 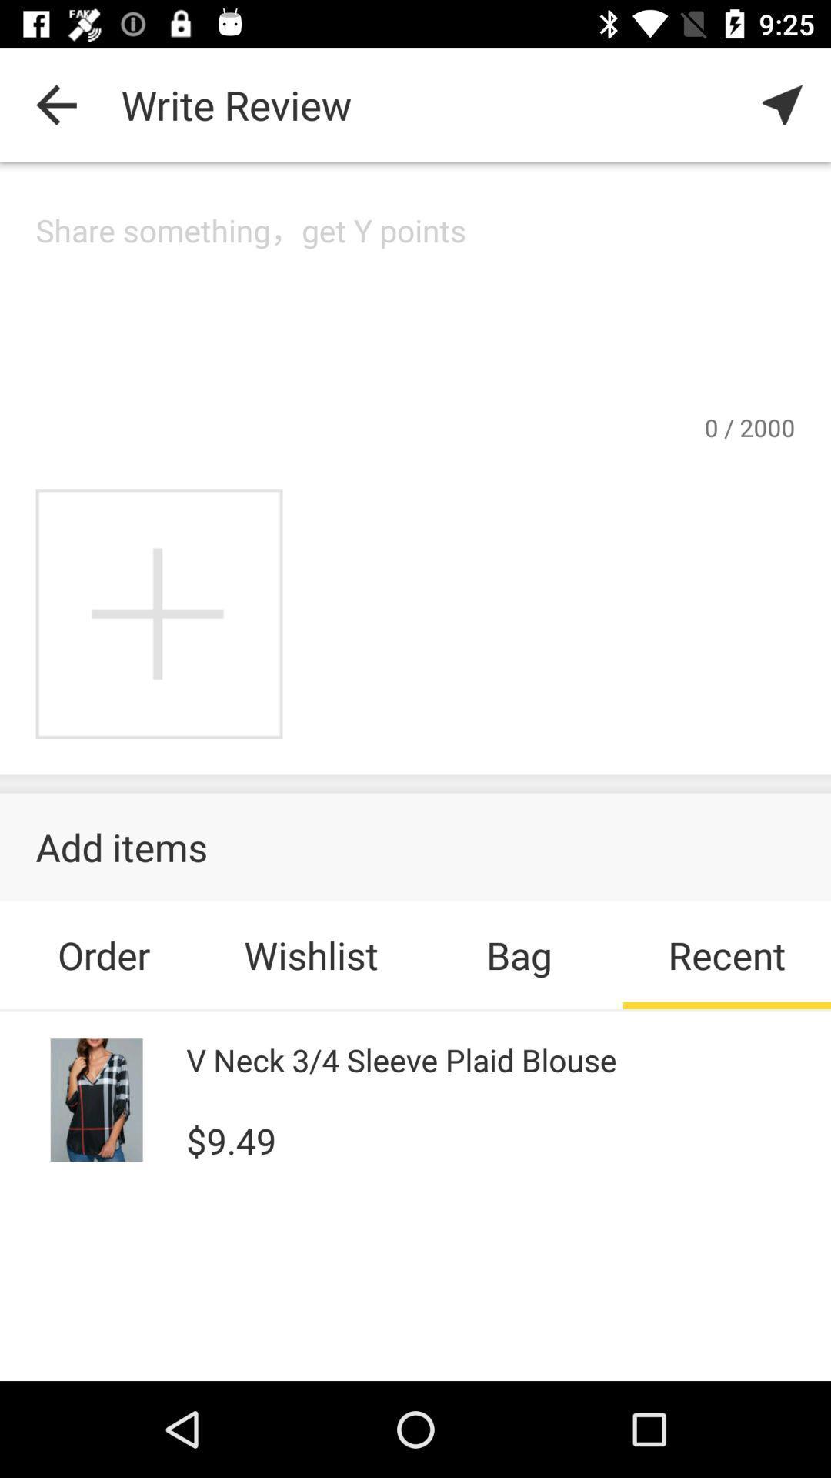 What do you see at coordinates (415, 309) in the screenshot?
I see `type a review` at bounding box center [415, 309].